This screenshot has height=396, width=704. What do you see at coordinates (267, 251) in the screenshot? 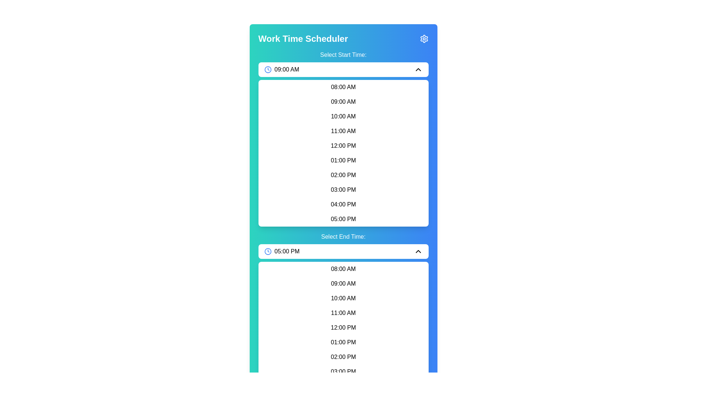
I see `the blue outlined circular SVG element that is part of the clock icon located to the left of the '05:00 PM' text in the 'Select End Time' section` at bounding box center [267, 251].